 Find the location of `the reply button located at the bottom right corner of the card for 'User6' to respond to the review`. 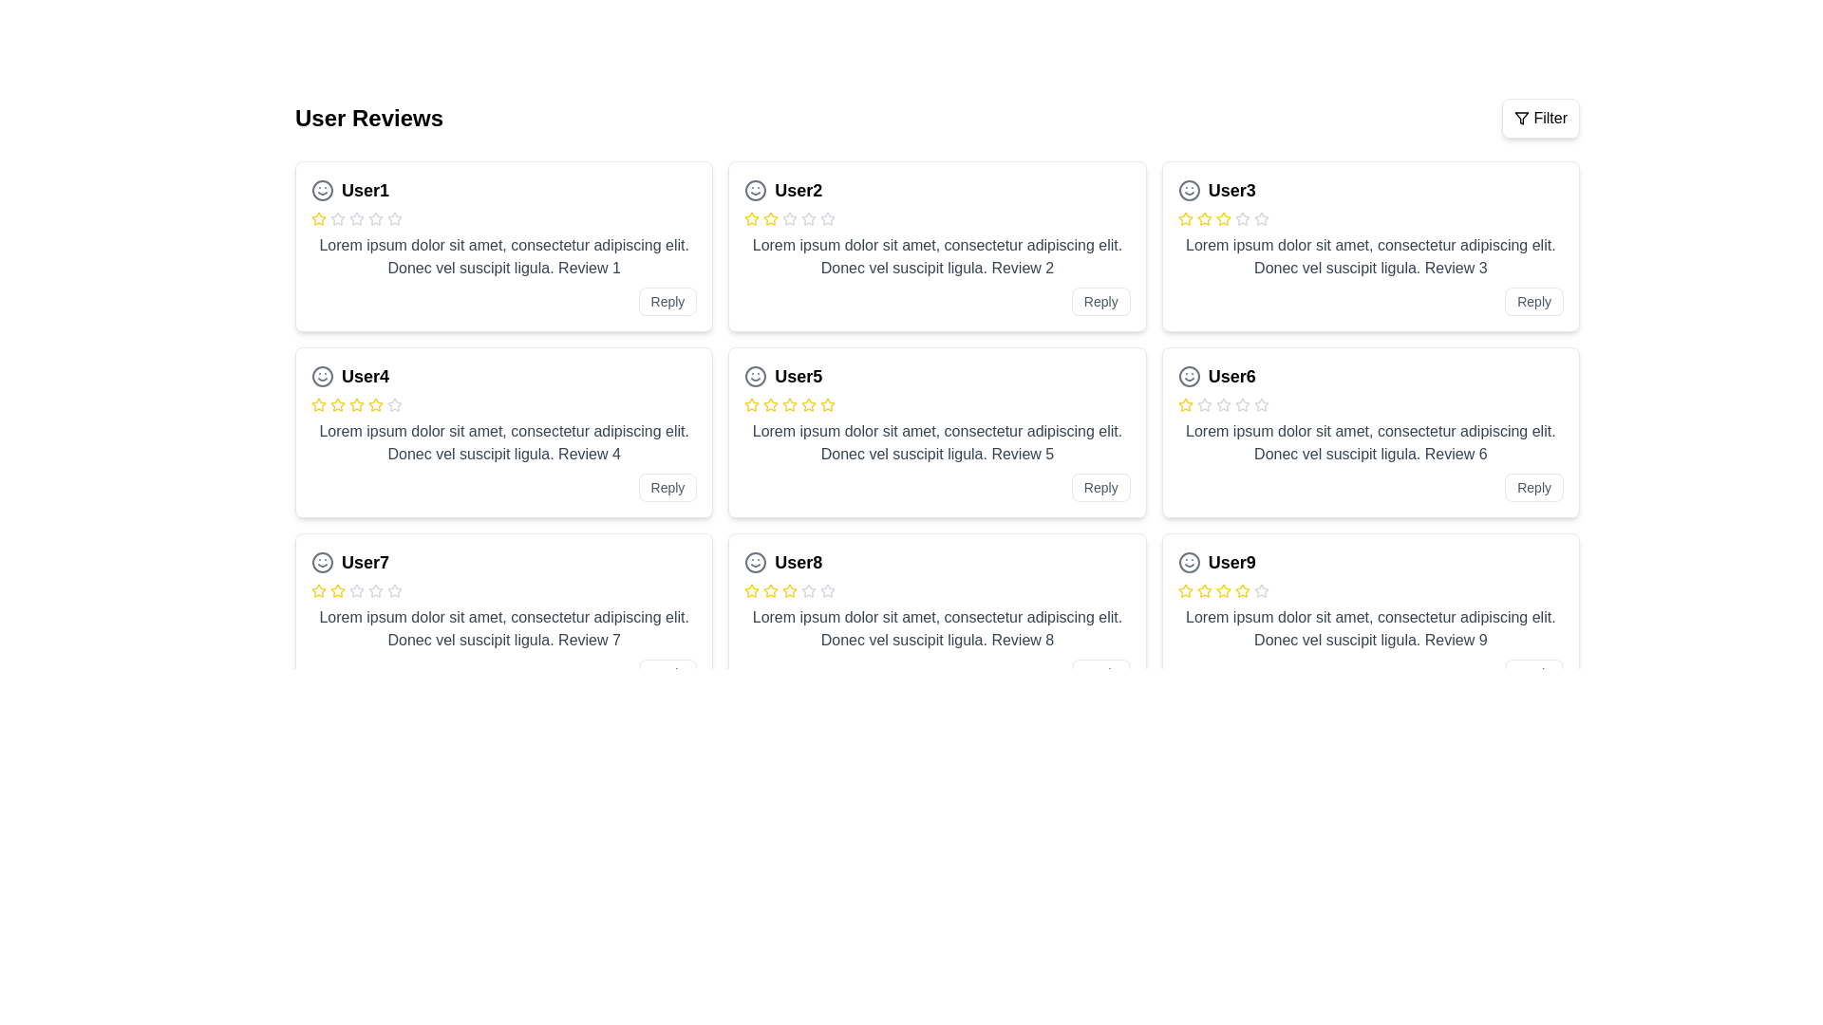

the reply button located at the bottom right corner of the card for 'User6' to respond to the review is located at coordinates (1534, 486).